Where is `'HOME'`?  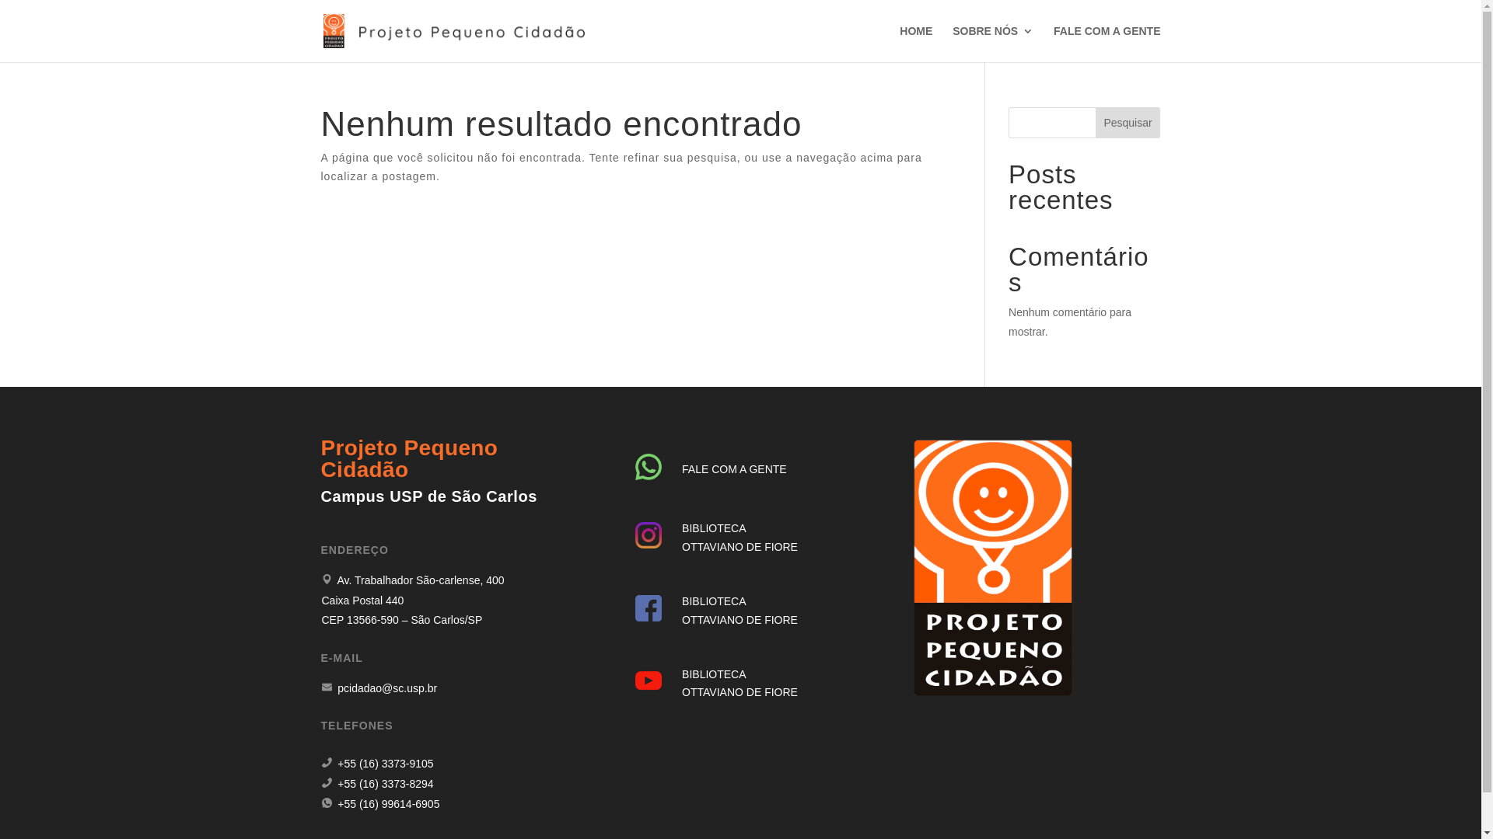
'HOME' is located at coordinates (915, 43).